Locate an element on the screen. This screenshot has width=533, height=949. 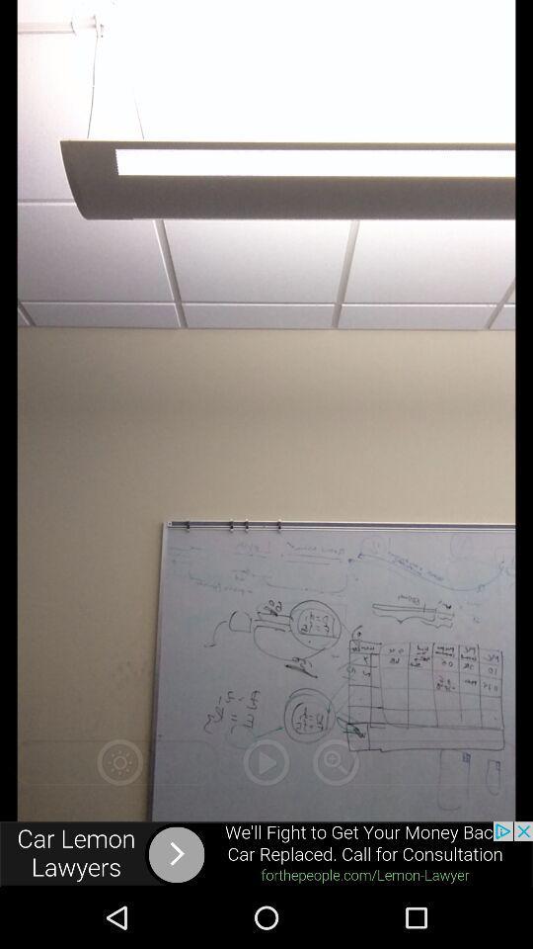
forthepeople.com/lemon-lawyer site page is located at coordinates (266, 853).